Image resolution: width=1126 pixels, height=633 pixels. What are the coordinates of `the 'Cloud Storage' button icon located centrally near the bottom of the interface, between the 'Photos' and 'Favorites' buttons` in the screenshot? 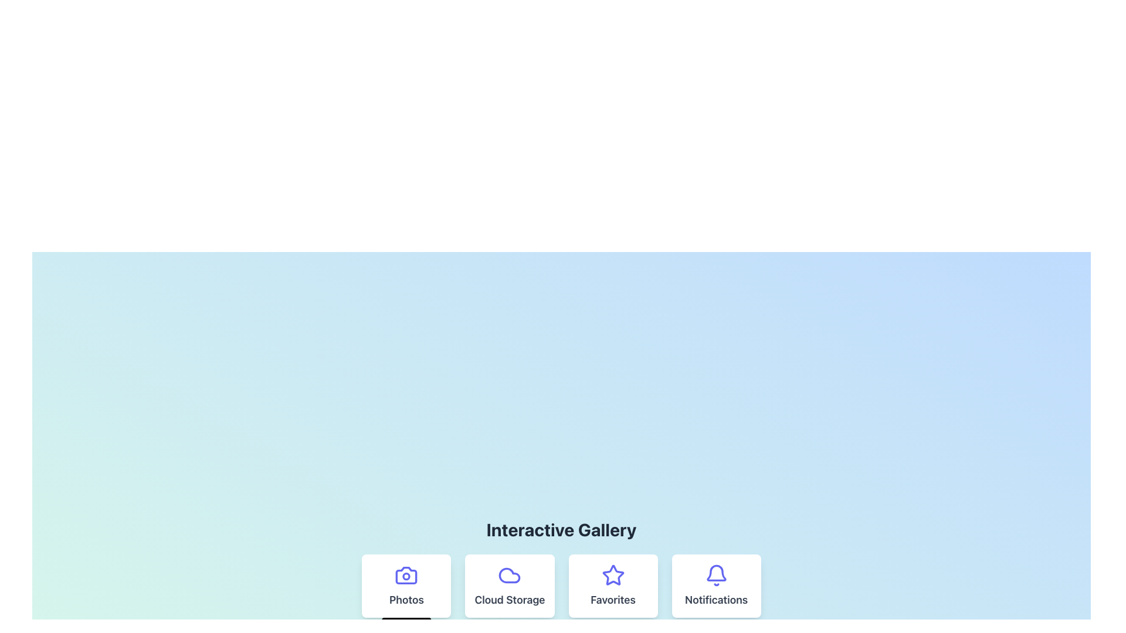 It's located at (510, 575).